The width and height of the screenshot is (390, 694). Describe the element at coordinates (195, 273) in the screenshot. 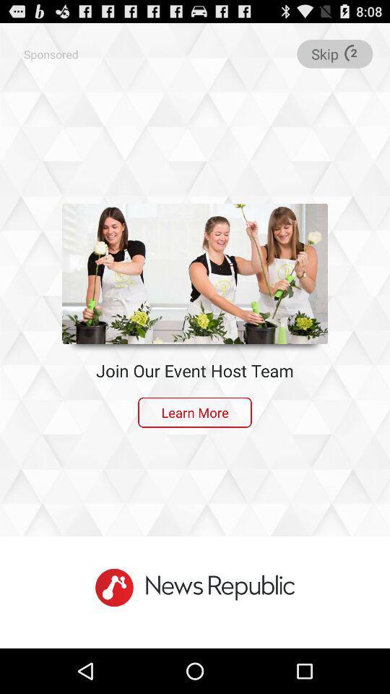

I see `open advertisement` at that location.